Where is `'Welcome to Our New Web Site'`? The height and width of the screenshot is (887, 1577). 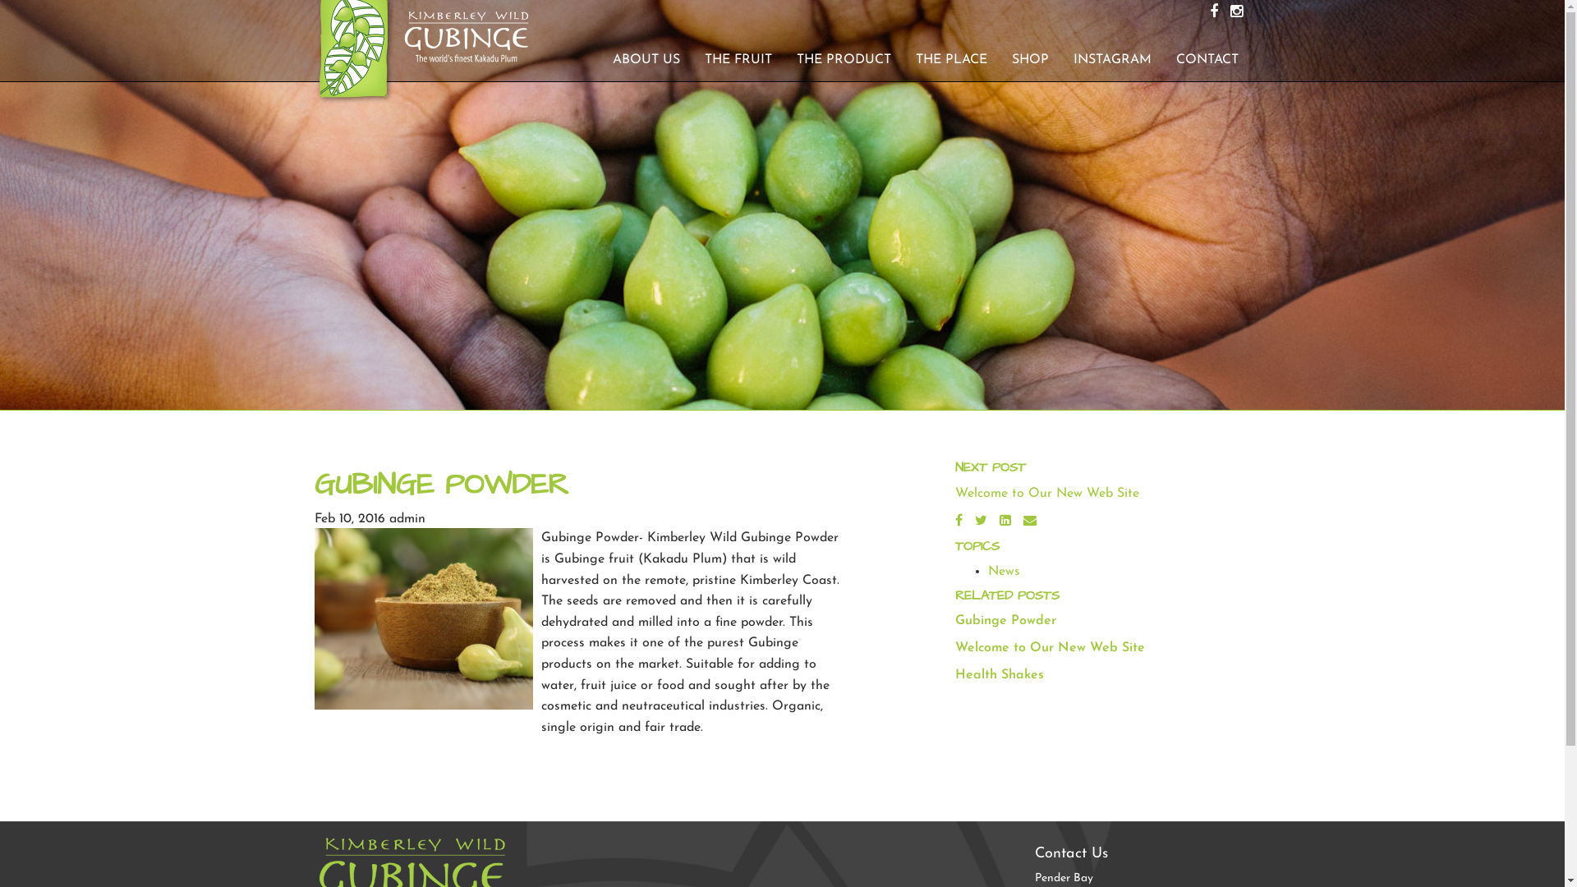
'Welcome to Our New Web Site' is located at coordinates (1045, 493).